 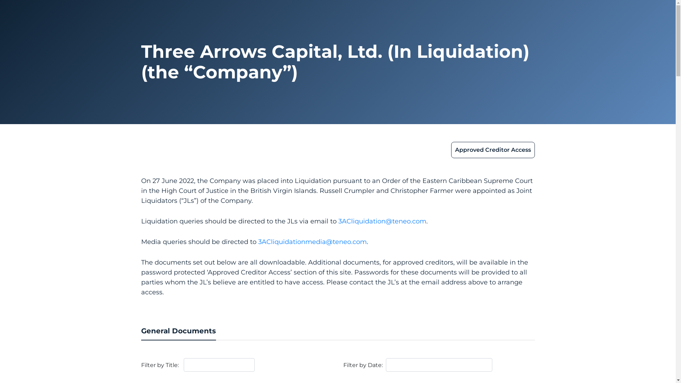 What do you see at coordinates (493, 150) in the screenshot?
I see `'Approved Creditor Access'` at bounding box center [493, 150].